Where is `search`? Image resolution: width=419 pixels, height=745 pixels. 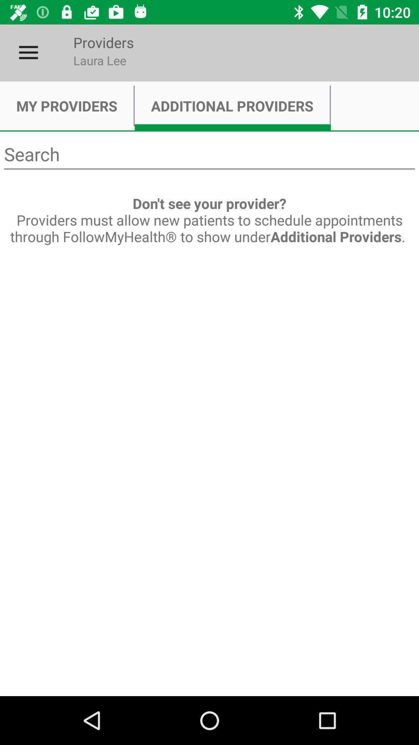 search is located at coordinates (209, 154).